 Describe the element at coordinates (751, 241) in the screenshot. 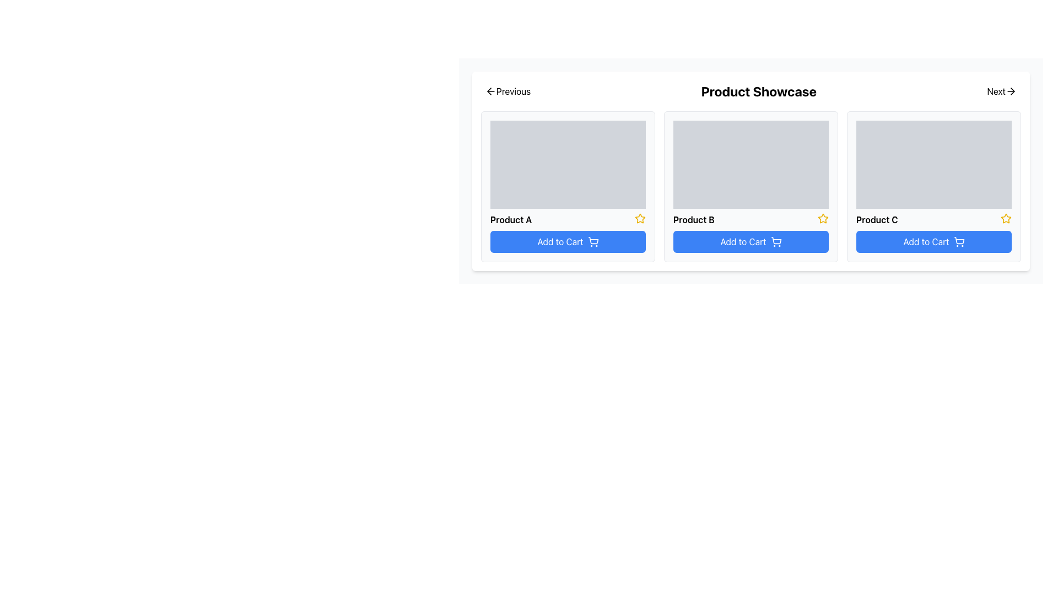

I see `the 'Add to Cart' button with a blue background and white text, located below the 'Product B' title in the product showcase grid` at that location.